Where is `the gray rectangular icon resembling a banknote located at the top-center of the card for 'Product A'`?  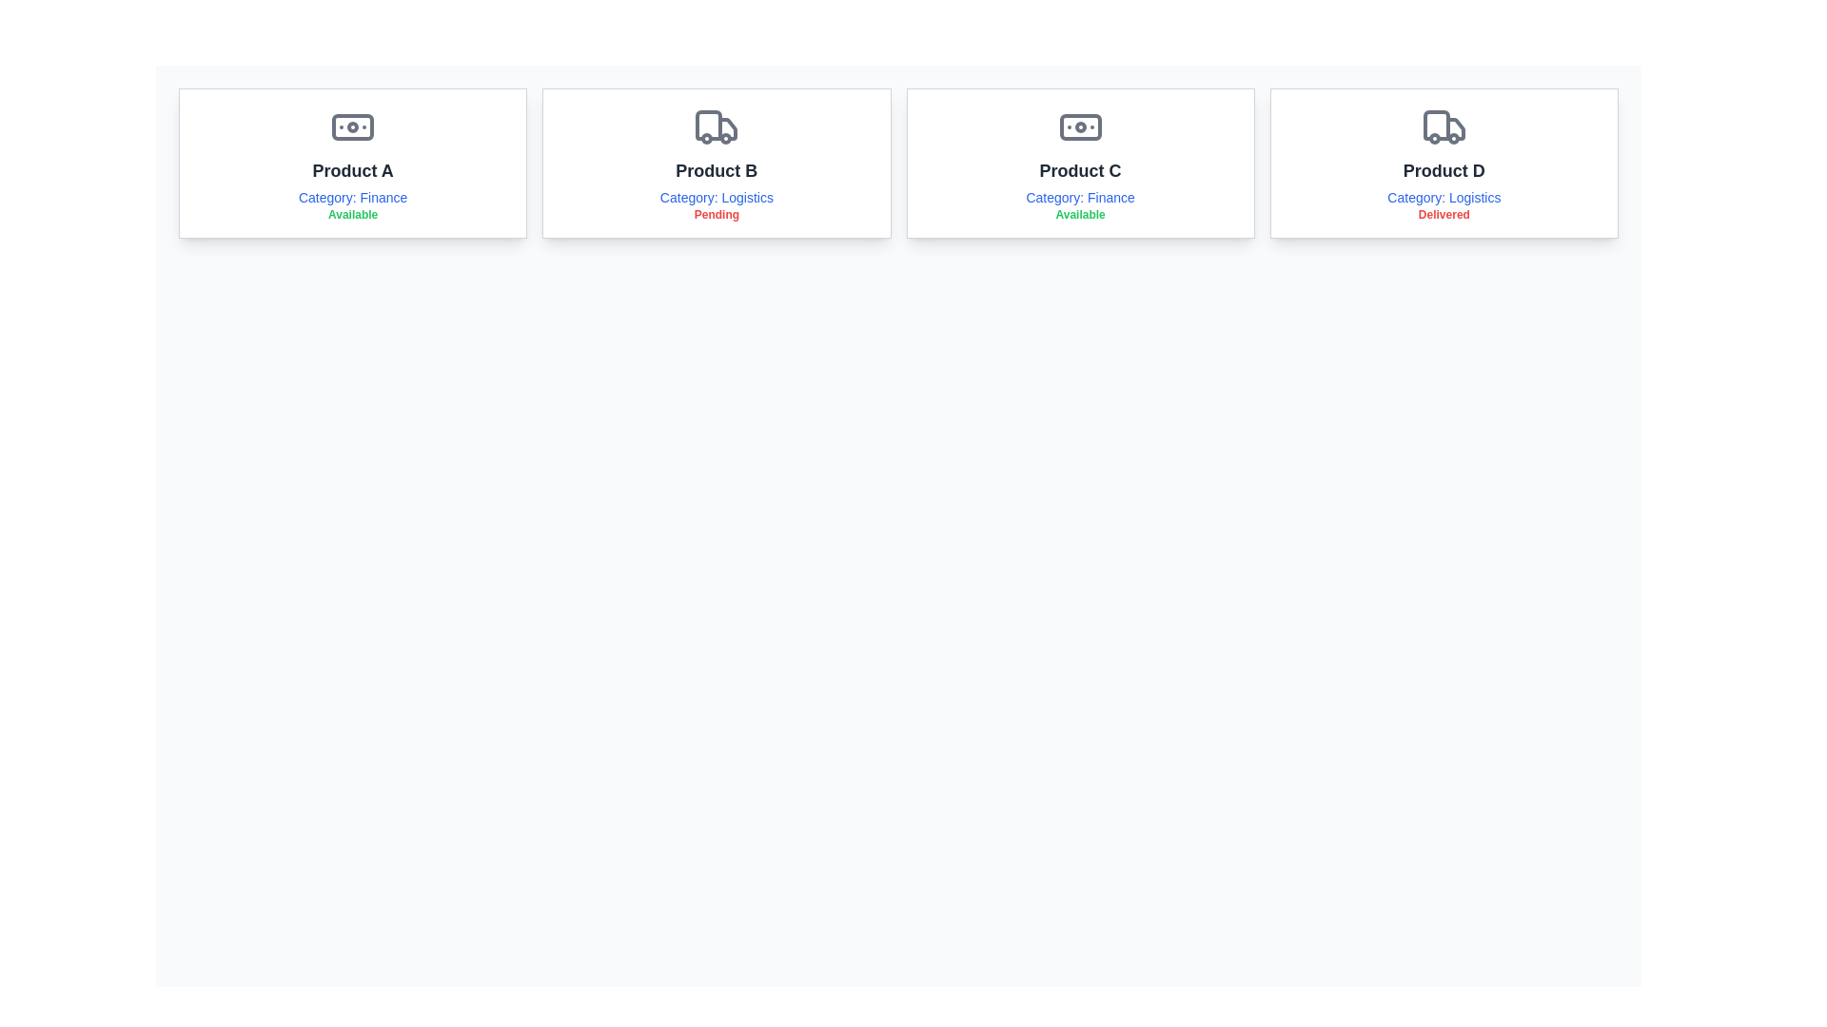
the gray rectangular icon resembling a banknote located at the top-center of the card for 'Product A' is located at coordinates (353, 127).